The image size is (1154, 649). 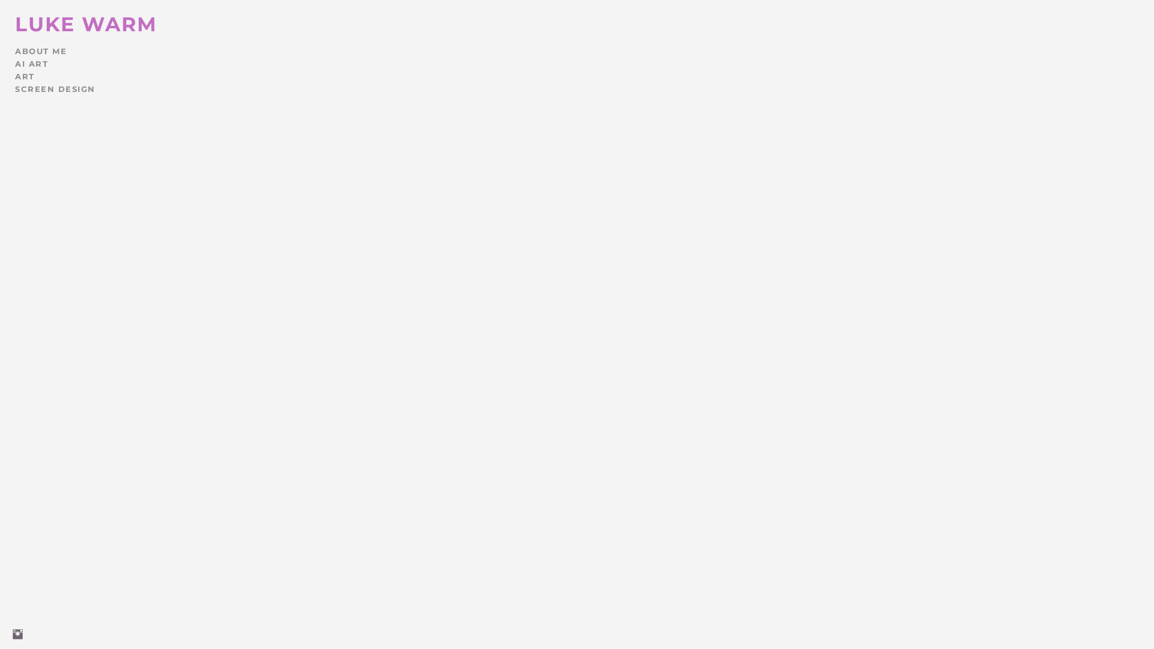 What do you see at coordinates (14, 76) in the screenshot?
I see `'ART'` at bounding box center [14, 76].